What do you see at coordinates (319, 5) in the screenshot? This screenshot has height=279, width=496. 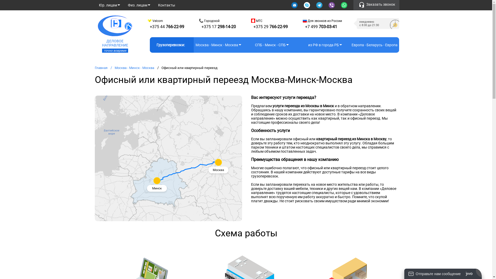 I see `'Telegram'` at bounding box center [319, 5].